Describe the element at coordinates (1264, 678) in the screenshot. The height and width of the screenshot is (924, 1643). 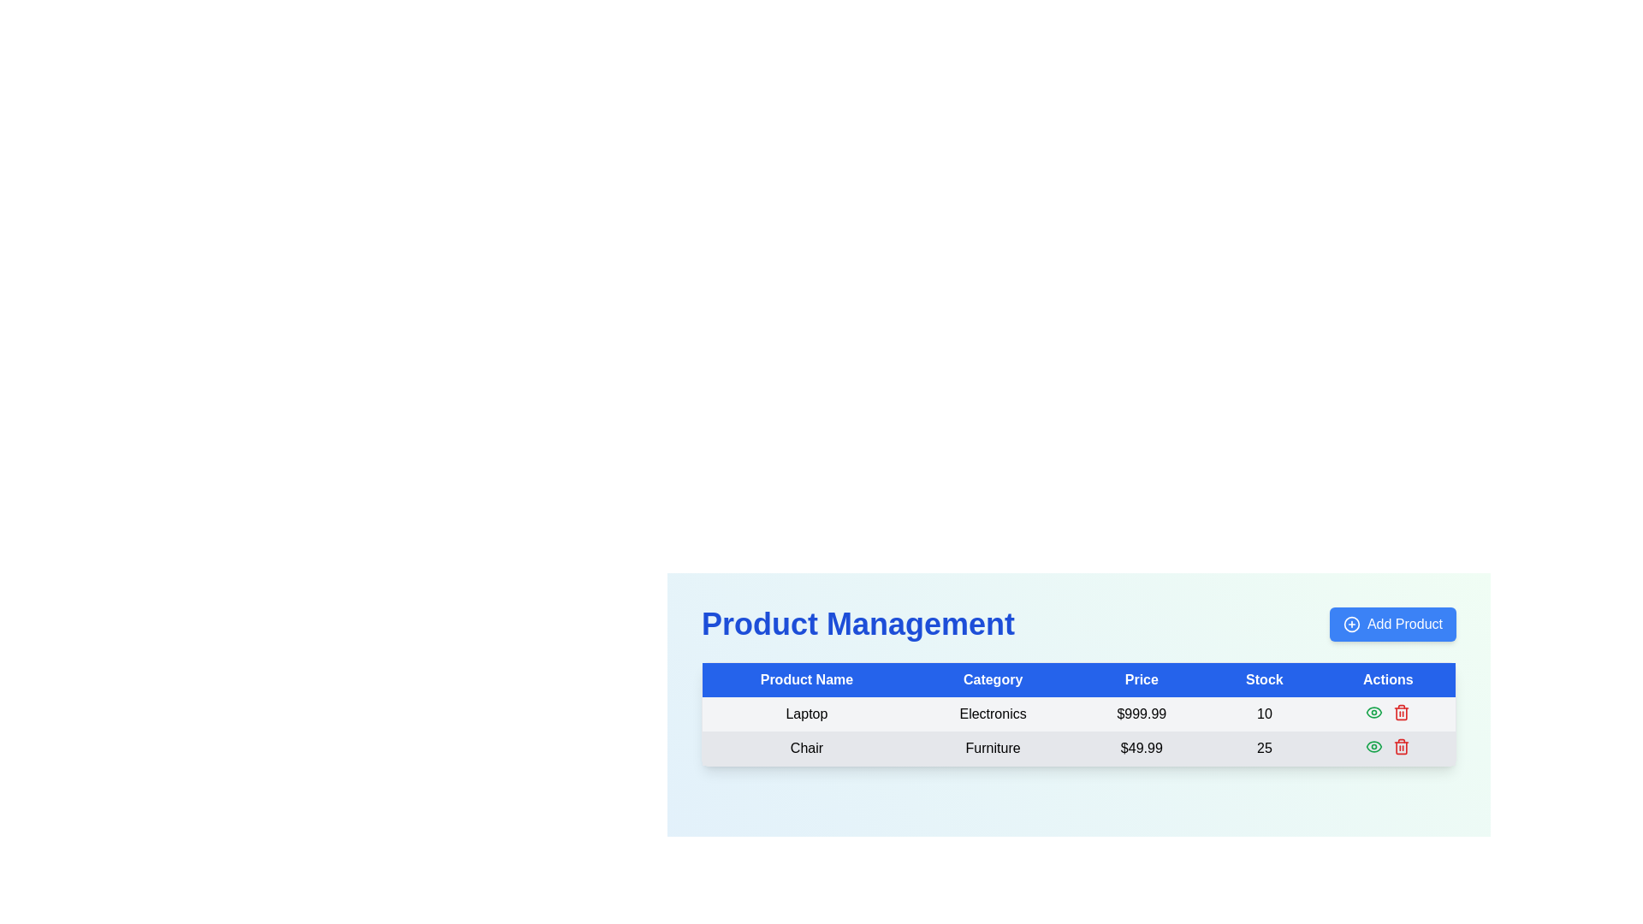
I see `the 'Stock' label, which is a rectangular label with white text on a blue background located in the fourth column of the table header` at that location.